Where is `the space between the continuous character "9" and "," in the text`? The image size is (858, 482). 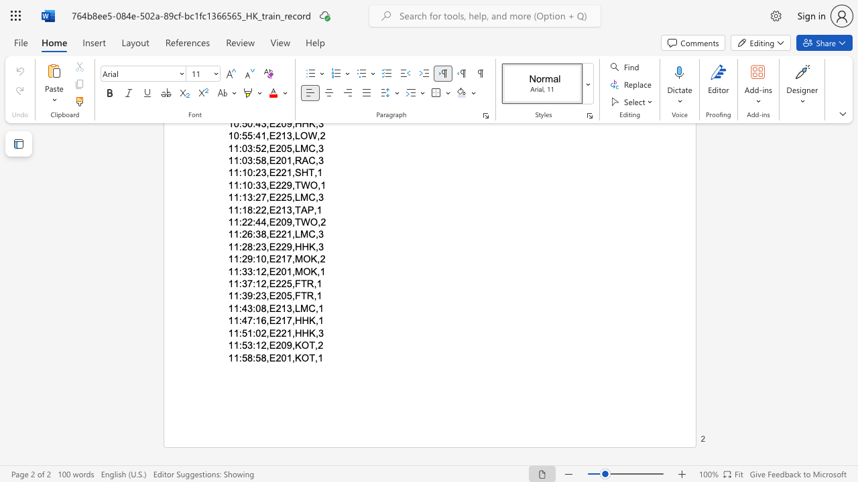 the space between the continuous character "9" and "," in the text is located at coordinates (290, 345).